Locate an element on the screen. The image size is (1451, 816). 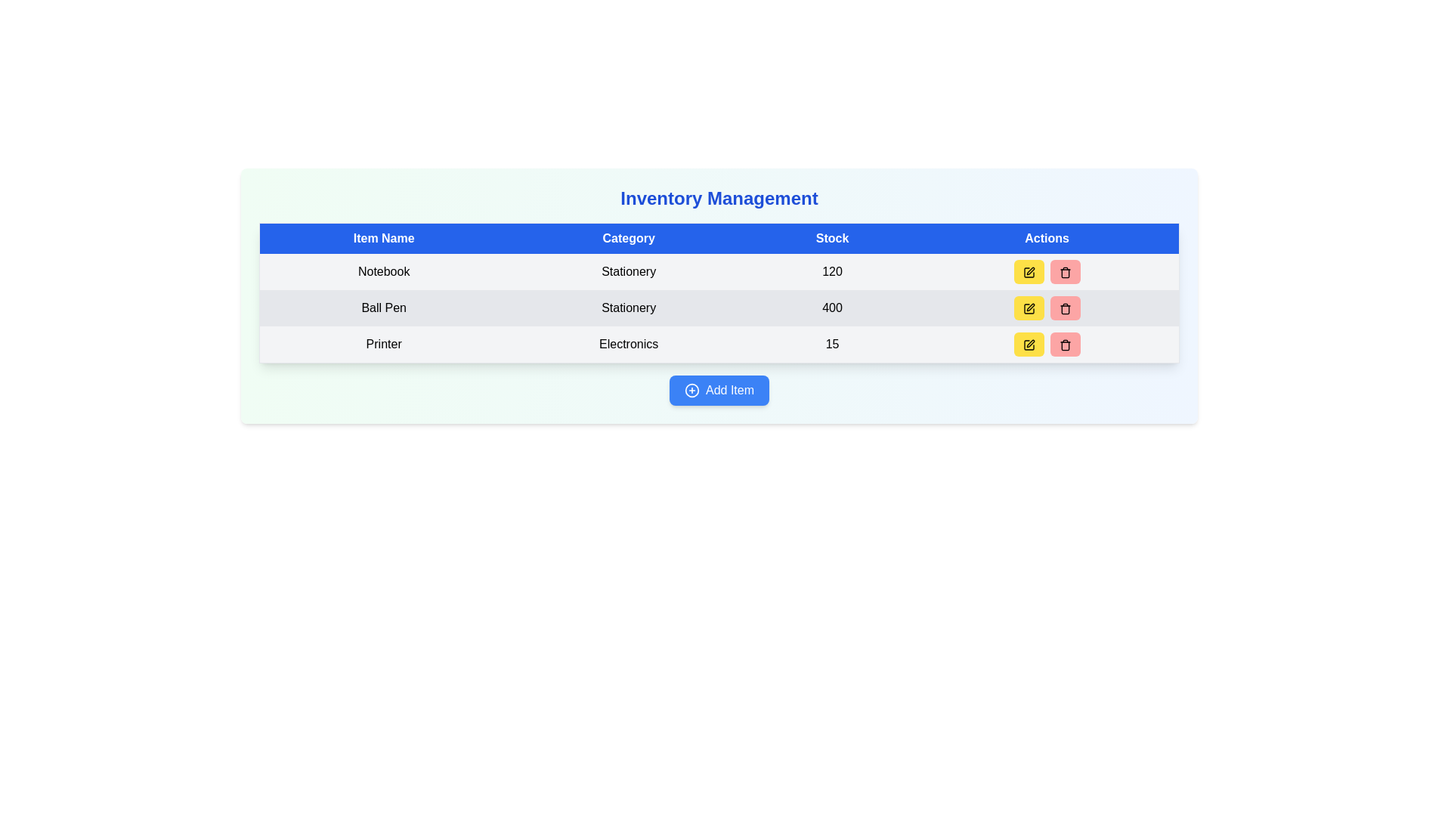
the trash bin icon, which is part of a row of action icons in the last column of the table, located to the right of the edit icon is located at coordinates (1064, 346).